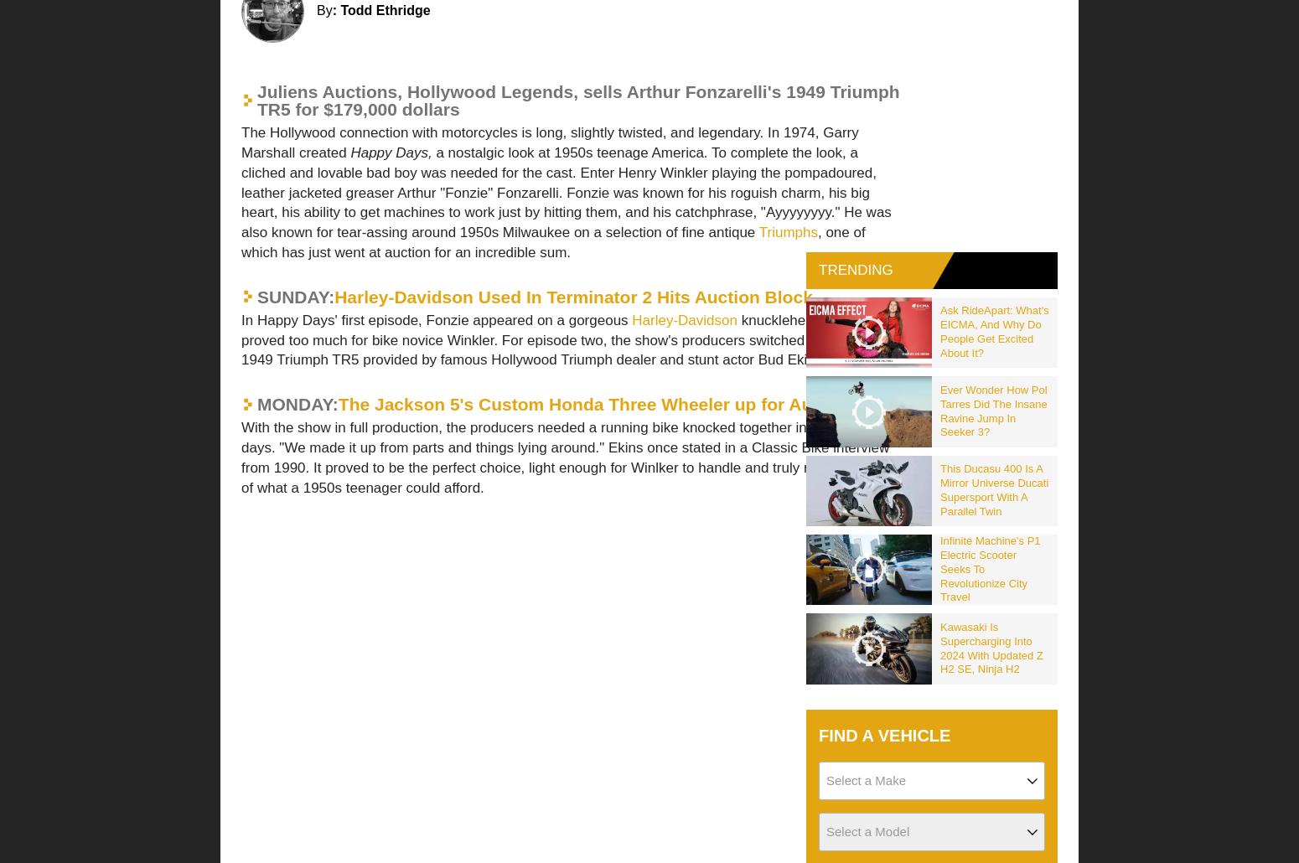  What do you see at coordinates (993, 409) in the screenshot?
I see `'Ever Wonder How Pol Tarres Did The Insane Ravine Jump In Seeker 3?'` at bounding box center [993, 409].